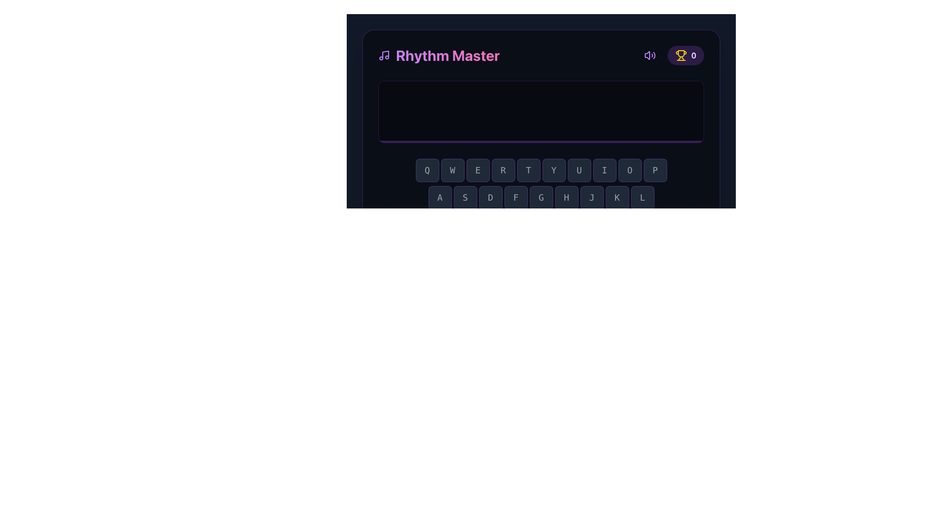 The width and height of the screenshot is (935, 526). Describe the element at coordinates (439, 197) in the screenshot. I see `the first button in the horizontal keyboard layout to input the letter 'A', located under the heading 'Rhythm Master'` at that location.